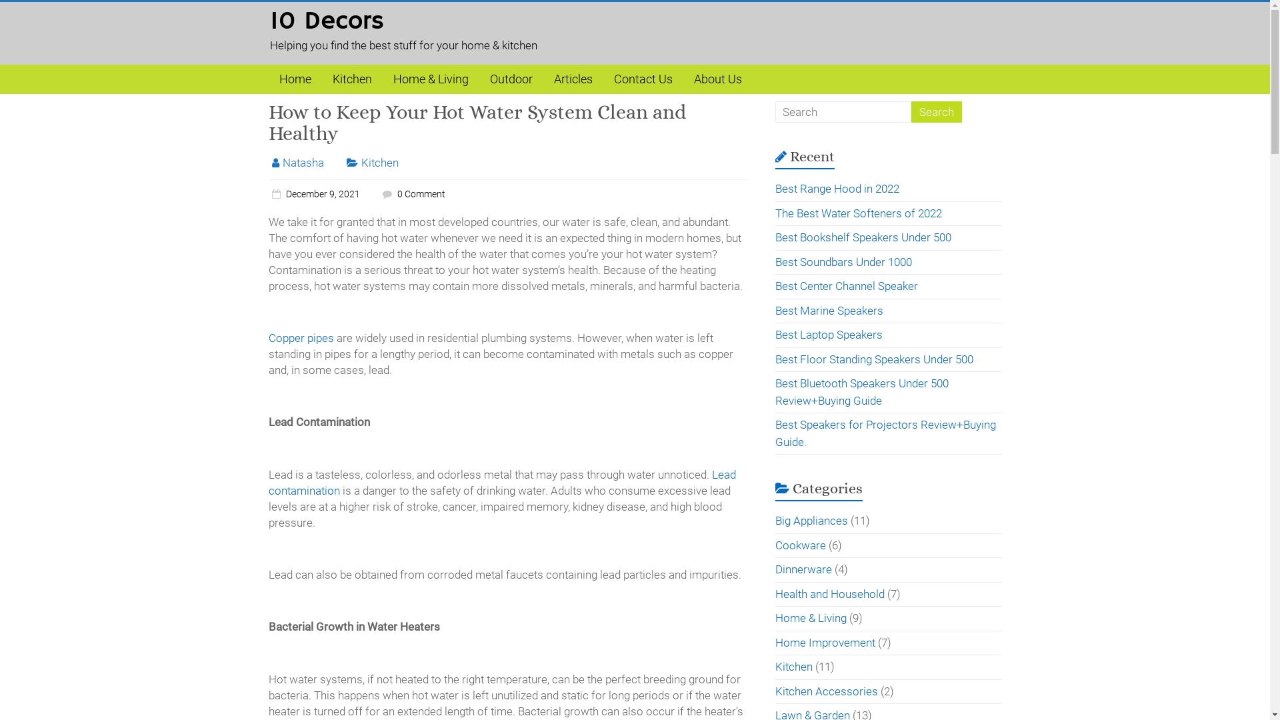  I want to click on 'Best Floor Standing Speakers Under 500', so click(874, 357).